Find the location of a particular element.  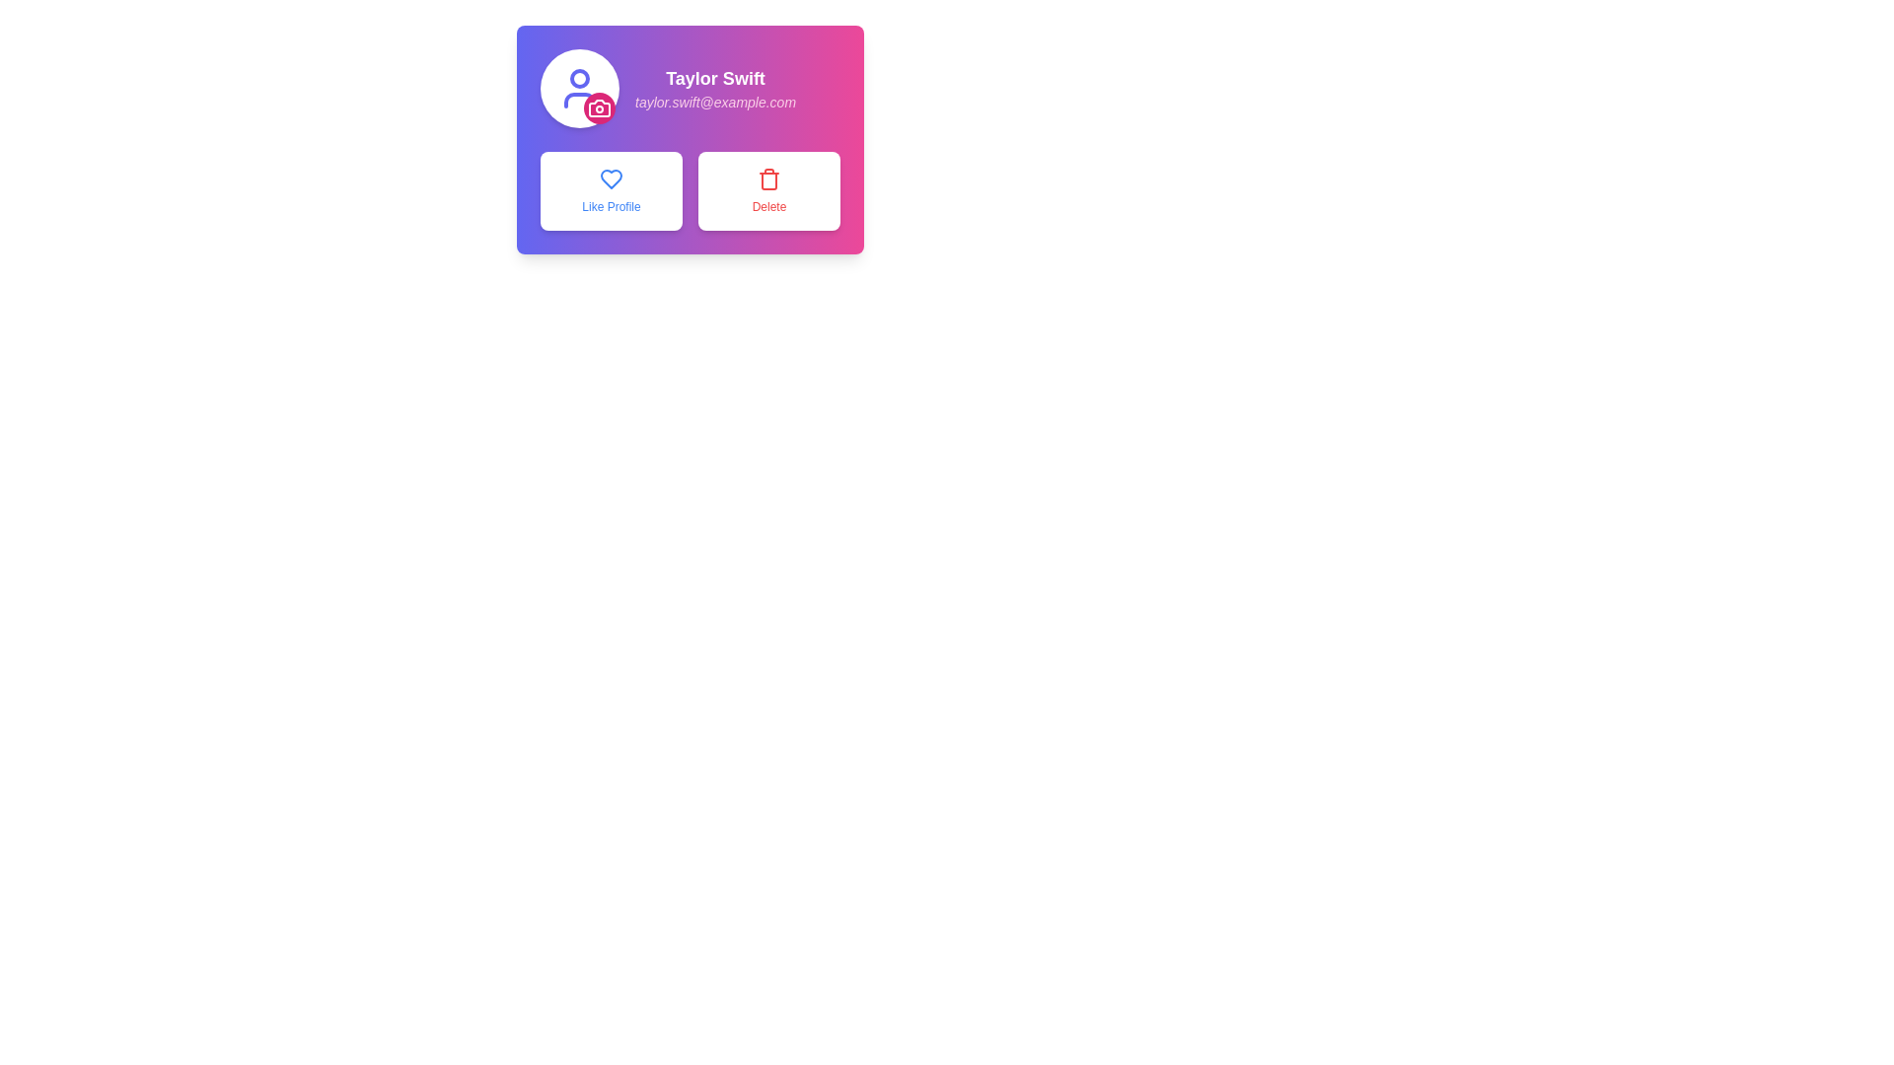

the text display component that shows the user's name and contact email, positioned to the right of the circular profile icon is located at coordinates (691, 87).